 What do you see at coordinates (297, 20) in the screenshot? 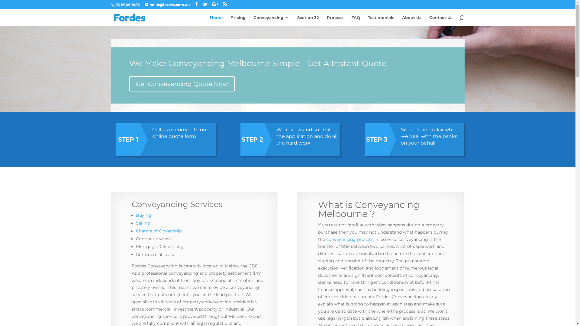
I see `'Section 32'` at bounding box center [297, 20].